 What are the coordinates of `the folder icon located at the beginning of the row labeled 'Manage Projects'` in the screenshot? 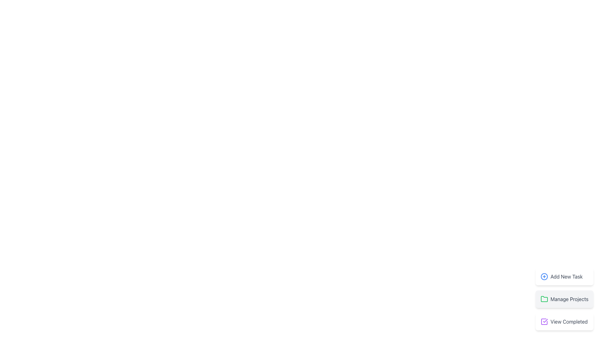 It's located at (544, 299).